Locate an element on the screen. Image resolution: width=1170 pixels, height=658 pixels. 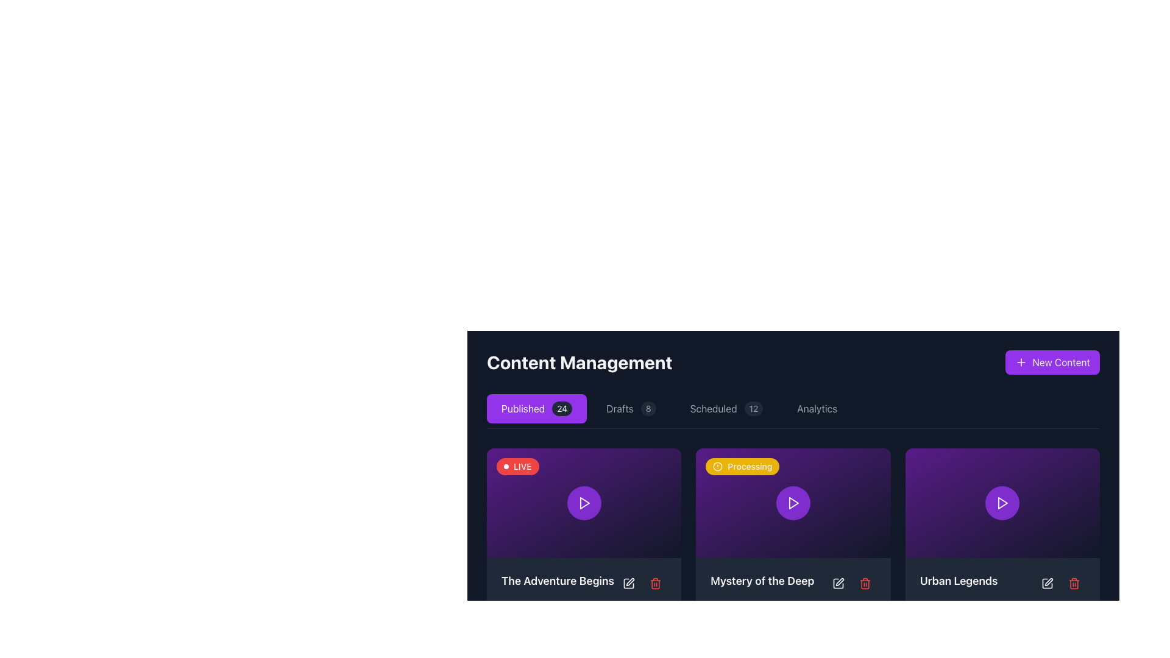
the 'Drafts' button with badge displaying '8', located between 'Published' and 'Scheduled' is located at coordinates (631, 409).